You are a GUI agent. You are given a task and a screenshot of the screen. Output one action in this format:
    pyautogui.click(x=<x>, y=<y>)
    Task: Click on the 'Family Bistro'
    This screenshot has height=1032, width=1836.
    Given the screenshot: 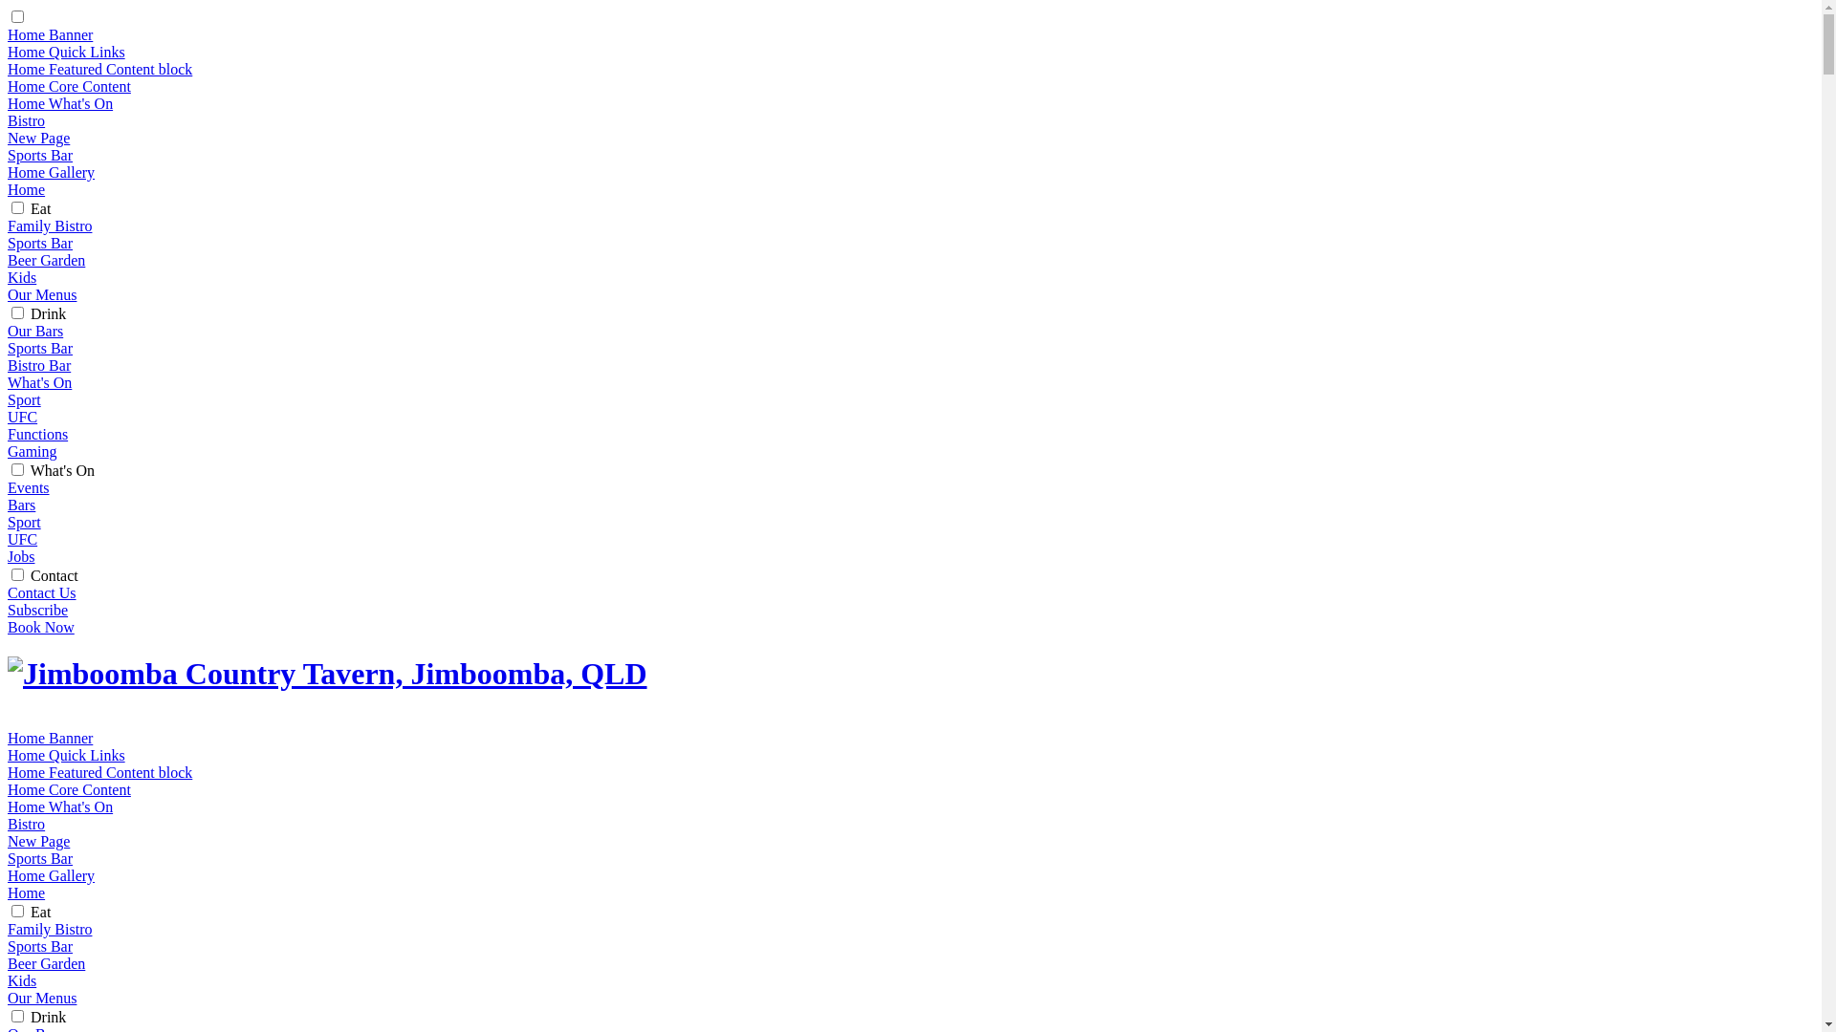 What is the action you would take?
    pyautogui.click(x=50, y=928)
    